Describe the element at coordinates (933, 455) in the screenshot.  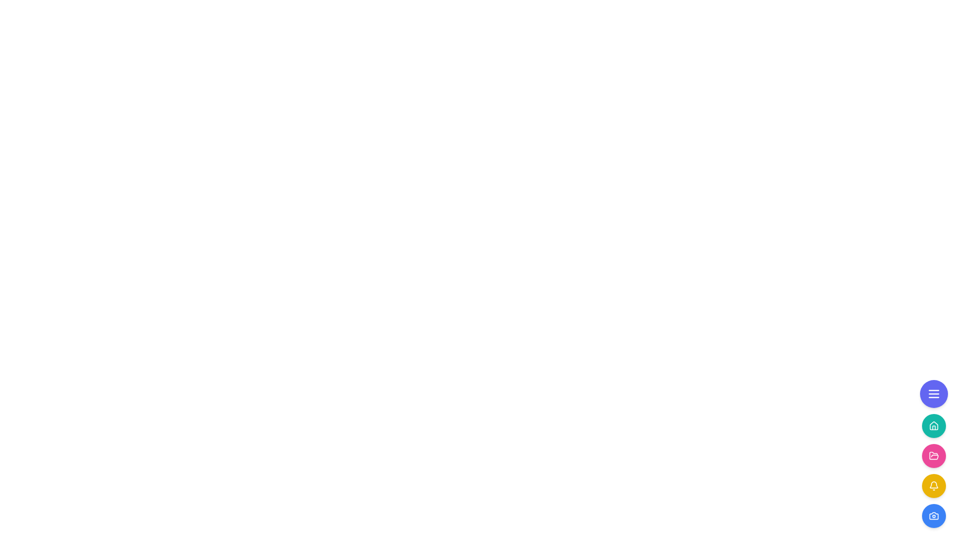
I see `the circular button with a pink background and a white outline of an open folder` at that location.